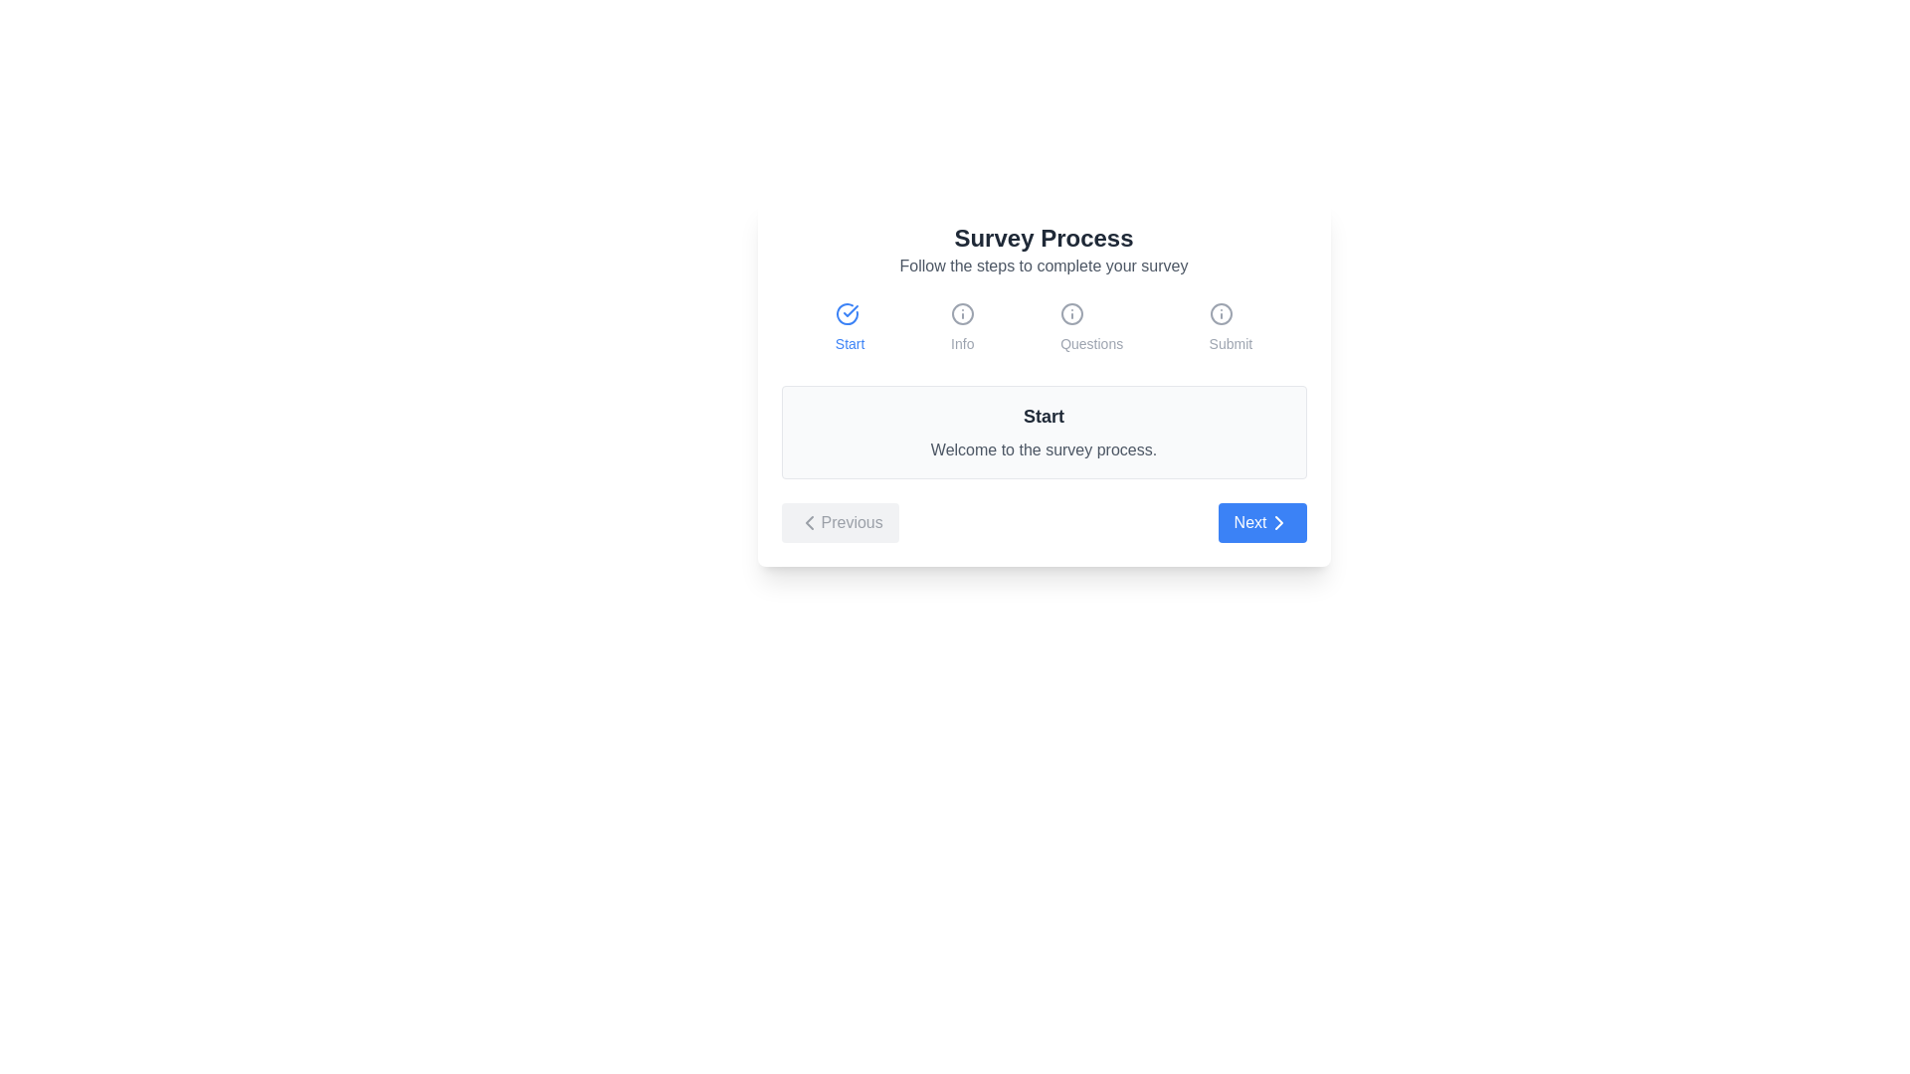 The image size is (1910, 1074). What do you see at coordinates (962, 313) in the screenshot?
I see `the circular icon outlined in gray with a centered dot and a shorter line beneath it, located in the second step indicator of the survey process navigation, immediately after the 'Start' step and before 'Questions.'` at bounding box center [962, 313].